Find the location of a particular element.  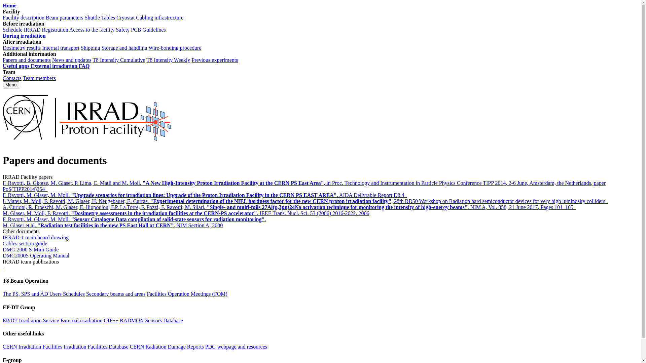

'-' is located at coordinates (3, 267).